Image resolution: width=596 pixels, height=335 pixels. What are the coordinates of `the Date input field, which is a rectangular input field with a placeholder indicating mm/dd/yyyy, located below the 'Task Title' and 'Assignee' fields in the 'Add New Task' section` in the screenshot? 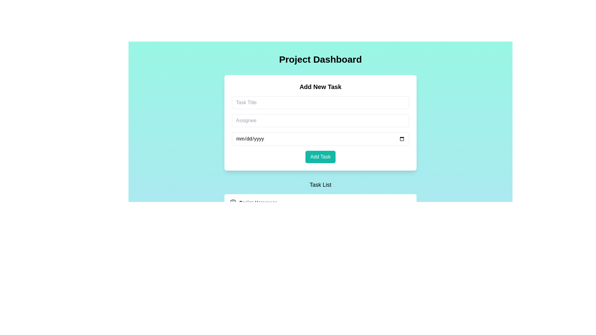 It's located at (320, 138).